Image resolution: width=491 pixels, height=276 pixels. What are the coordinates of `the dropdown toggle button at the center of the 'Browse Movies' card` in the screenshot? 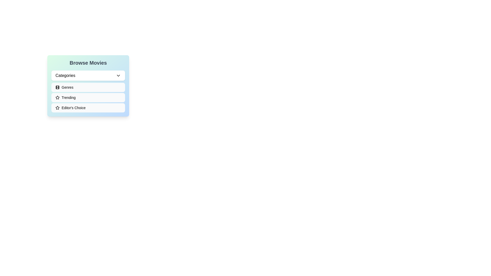 It's located at (88, 76).